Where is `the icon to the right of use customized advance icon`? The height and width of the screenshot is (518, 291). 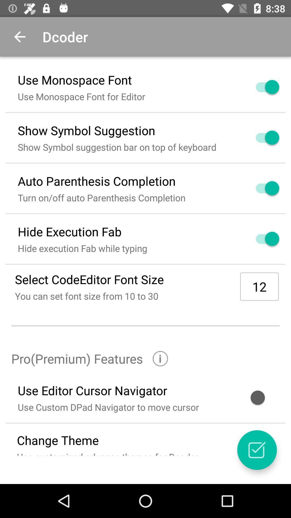 the icon to the right of use customized advance icon is located at coordinates (257, 450).